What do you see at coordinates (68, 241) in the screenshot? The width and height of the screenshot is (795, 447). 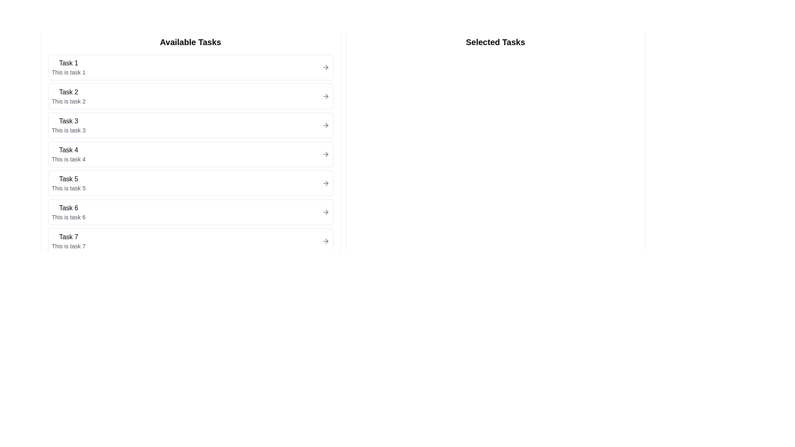 I see `the text block displaying the title and description of the seventh task in the 'Available Tasks' list` at bounding box center [68, 241].